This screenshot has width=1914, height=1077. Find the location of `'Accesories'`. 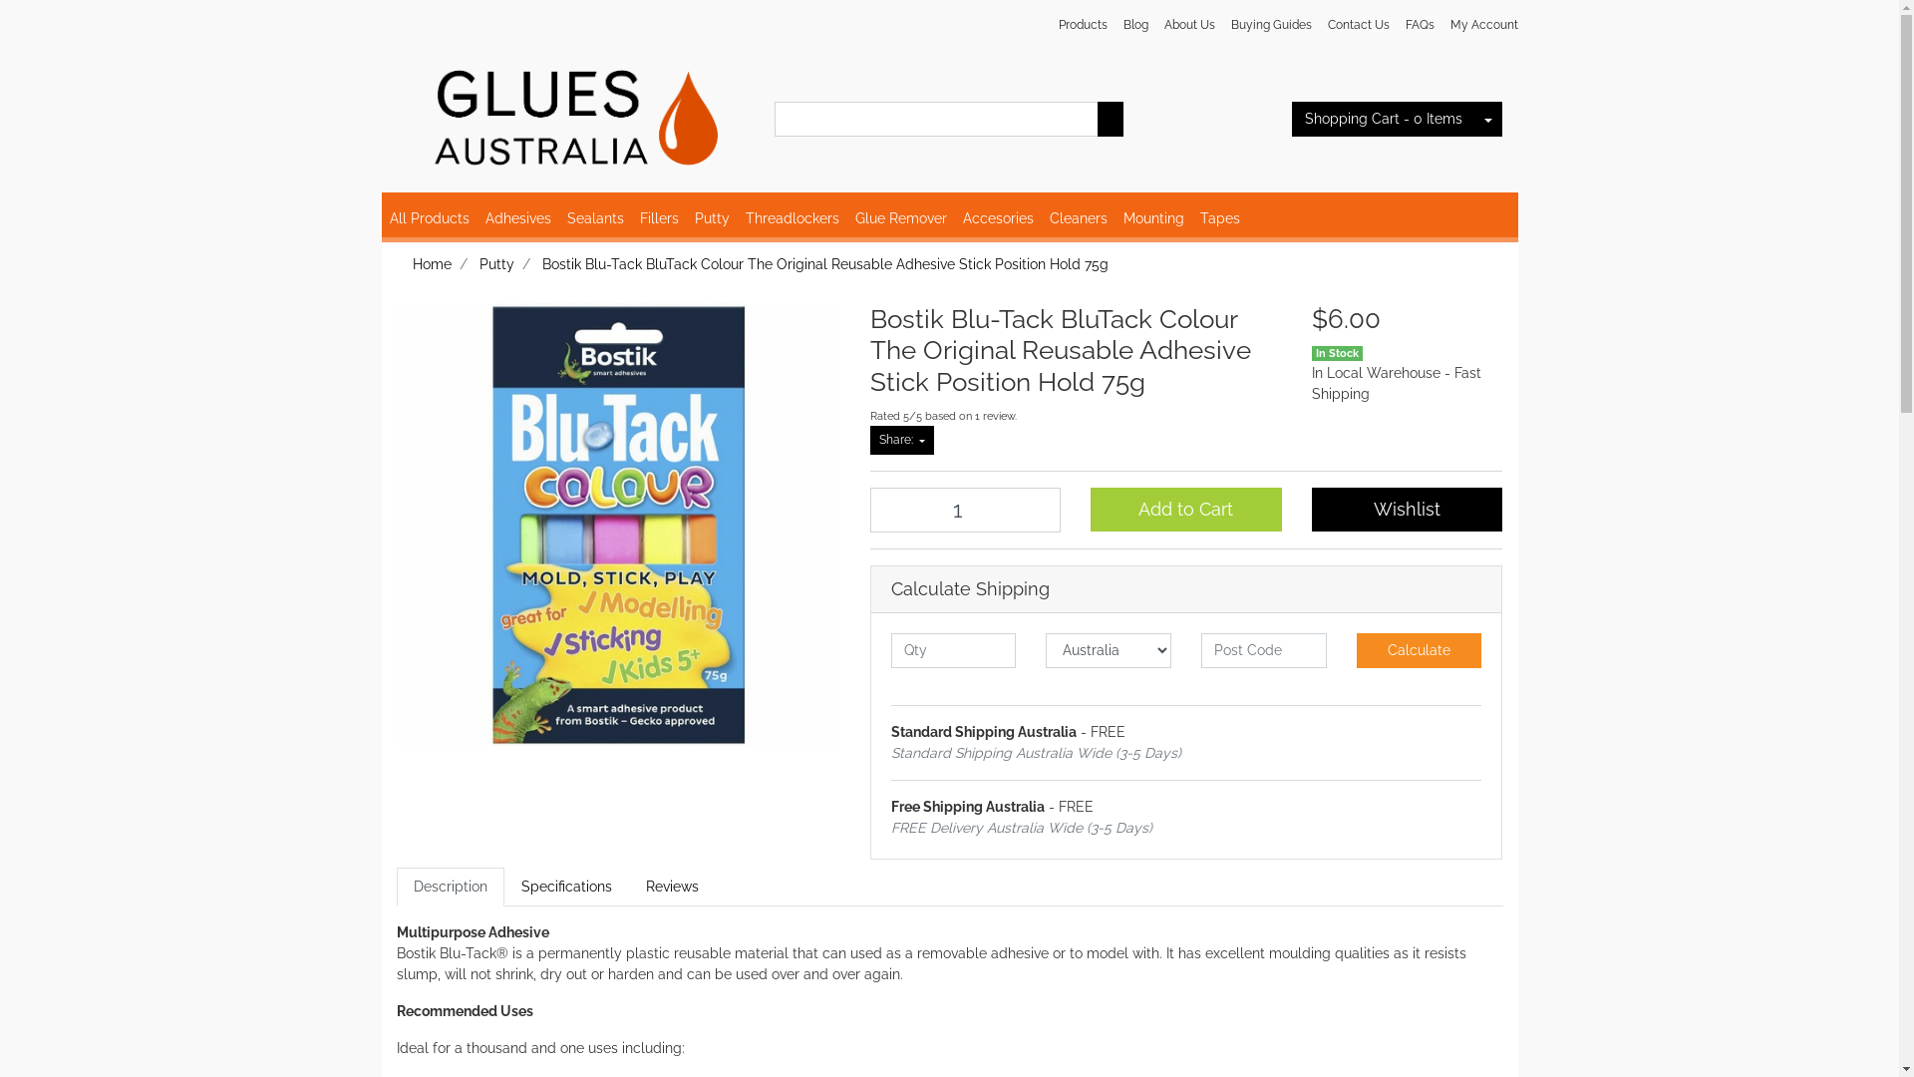

'Accesories' is located at coordinates (954, 218).